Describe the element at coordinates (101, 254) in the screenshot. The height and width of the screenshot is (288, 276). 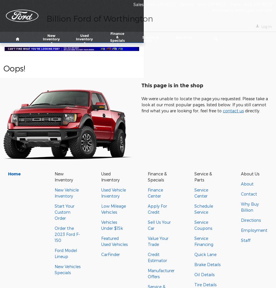
I see `'CarFinder'` at that location.